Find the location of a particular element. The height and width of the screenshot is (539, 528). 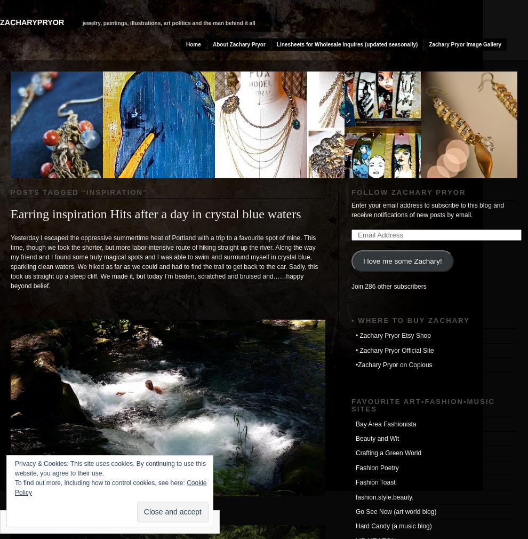

'To find out more, including how to control cookies, see here:' is located at coordinates (100, 482).